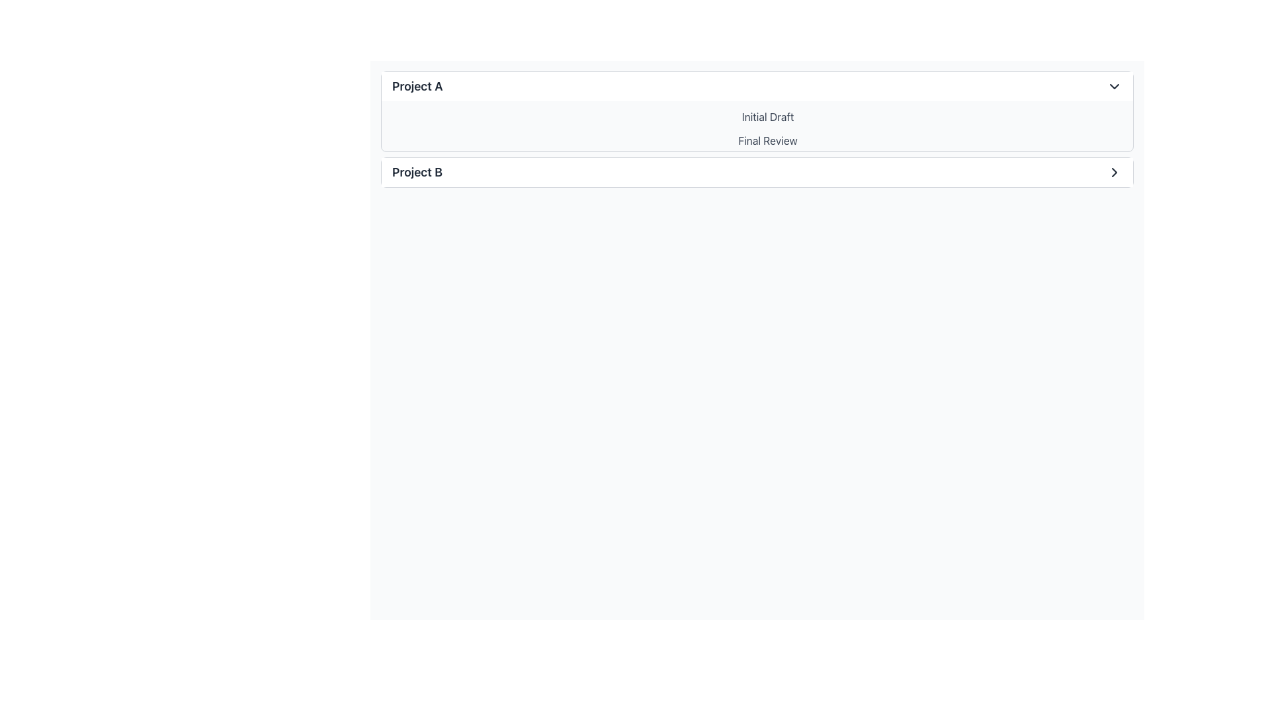 The image size is (1270, 714). Describe the element at coordinates (757, 172) in the screenshot. I see `the Interactive List Item labeled 'Project B'` at that location.